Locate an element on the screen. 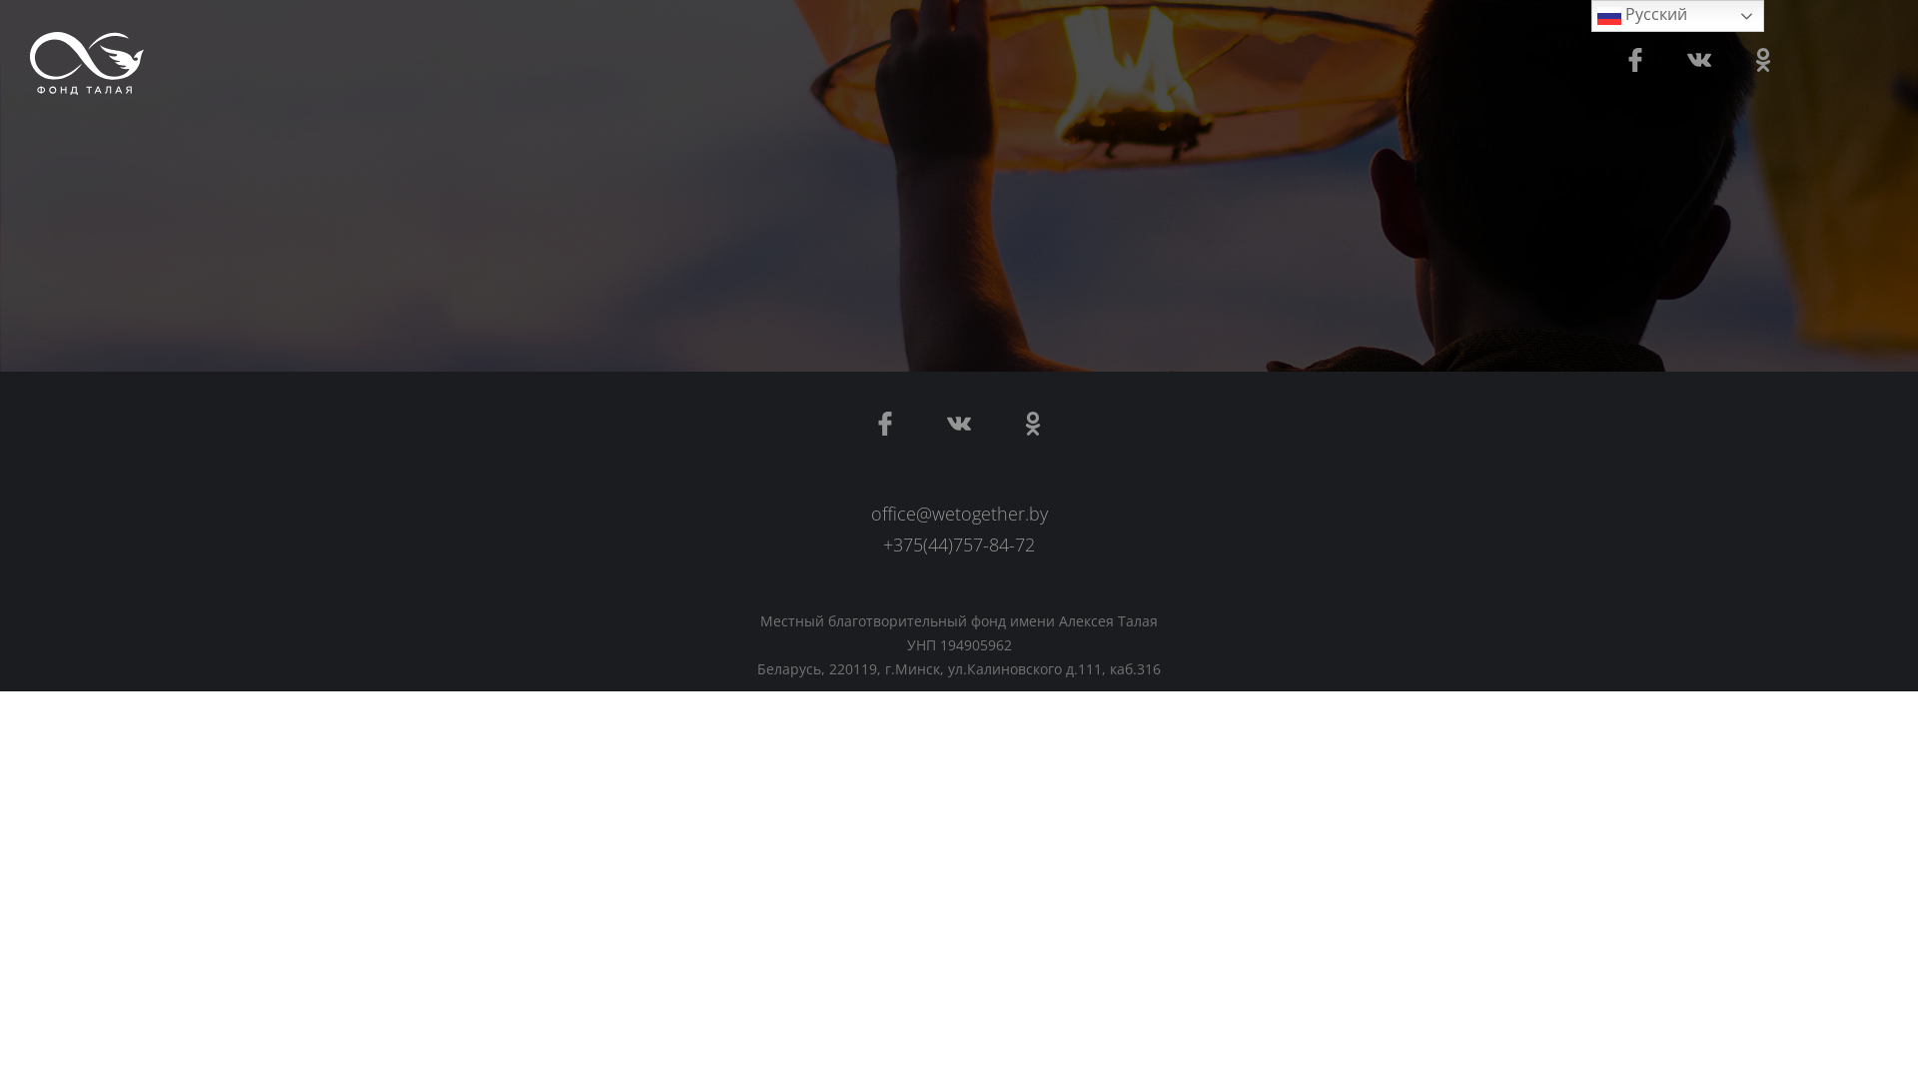 The width and height of the screenshot is (1918, 1079). 'office@wetogether.by' is located at coordinates (959, 512).